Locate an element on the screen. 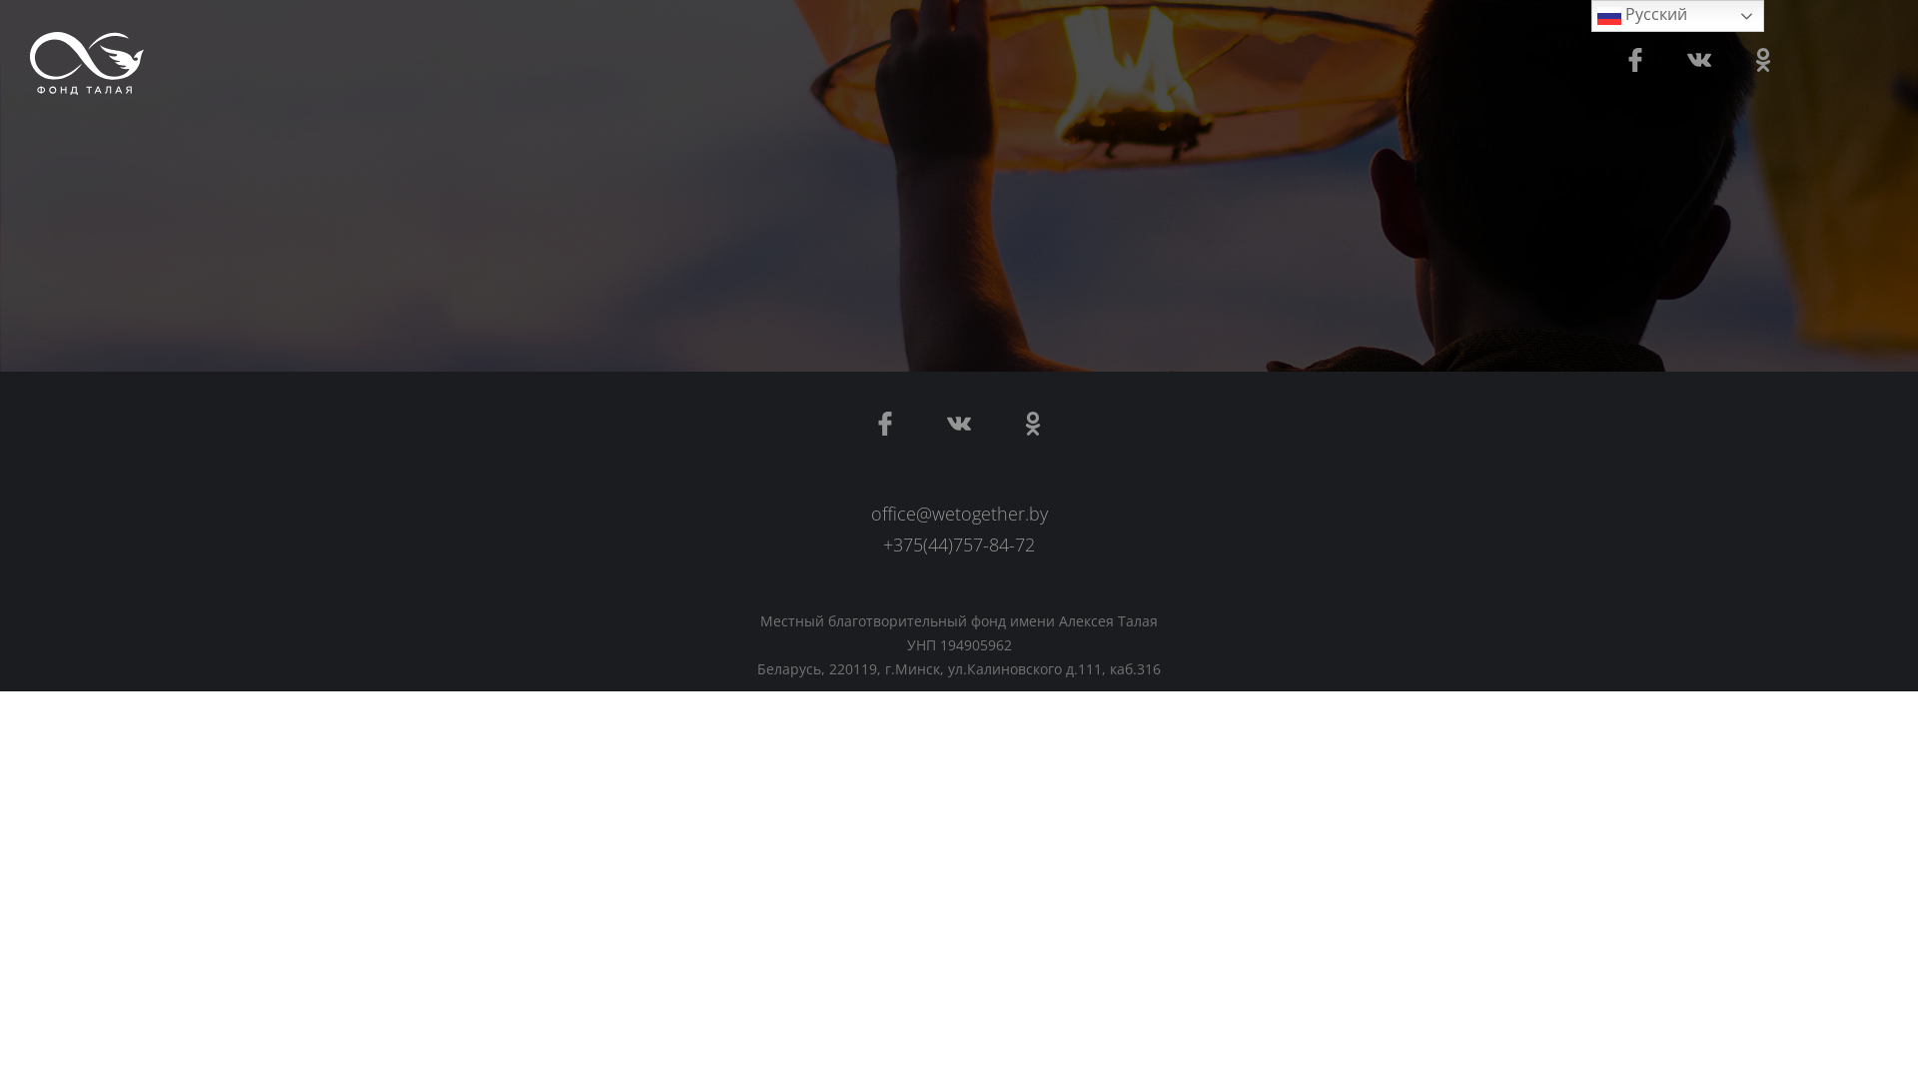 The width and height of the screenshot is (1918, 1079). 'office@wetogether.by' is located at coordinates (959, 512).